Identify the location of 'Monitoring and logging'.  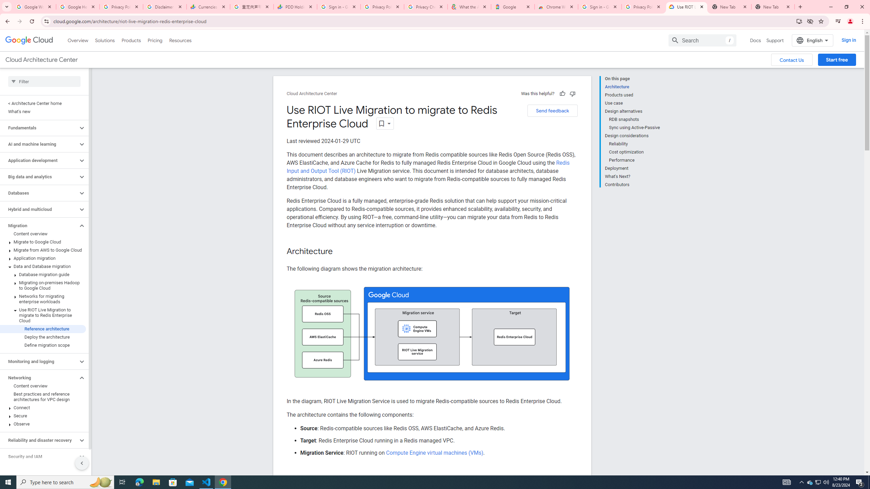
(38, 361).